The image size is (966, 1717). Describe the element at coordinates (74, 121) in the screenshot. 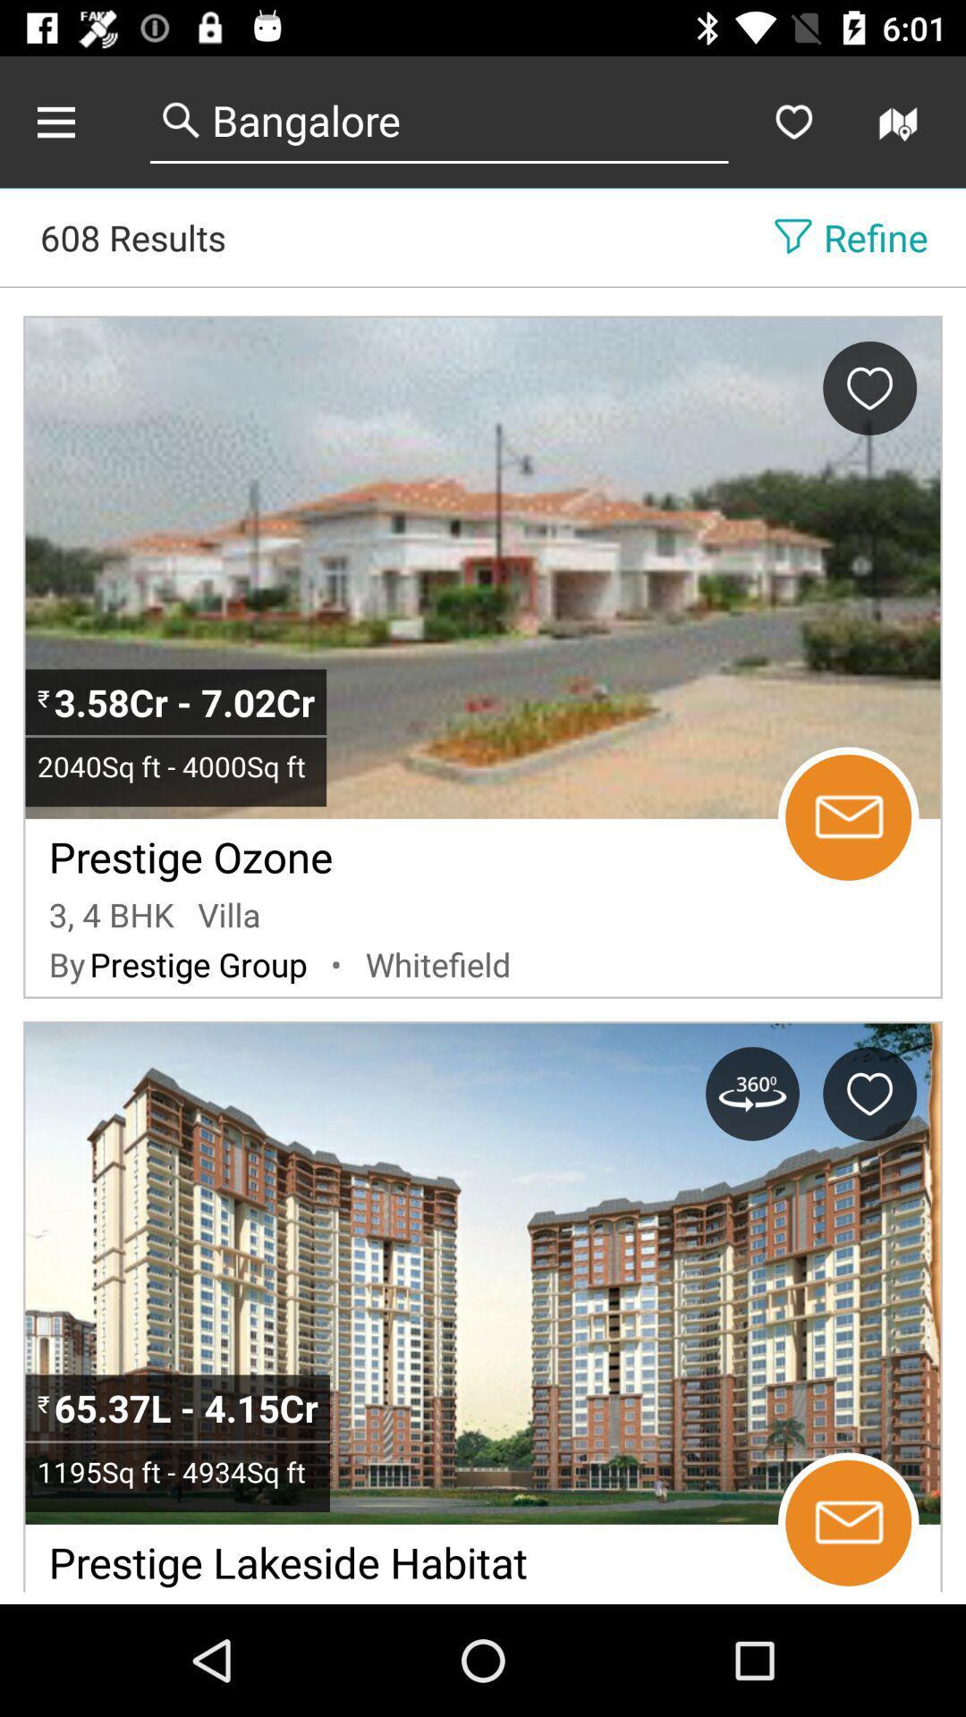

I see `the menu icon` at that location.